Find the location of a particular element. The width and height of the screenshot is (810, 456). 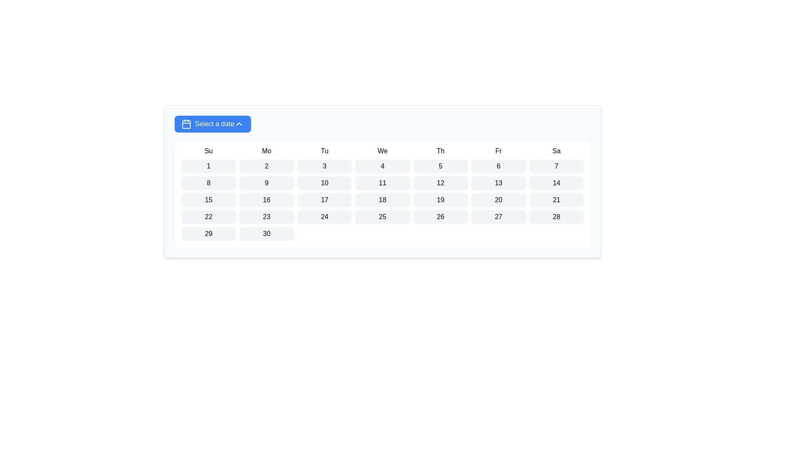

the static text label displaying 'Tu', which is the third element in the row of days of the week, to observe tooltip or highlight effects is located at coordinates (324, 151).